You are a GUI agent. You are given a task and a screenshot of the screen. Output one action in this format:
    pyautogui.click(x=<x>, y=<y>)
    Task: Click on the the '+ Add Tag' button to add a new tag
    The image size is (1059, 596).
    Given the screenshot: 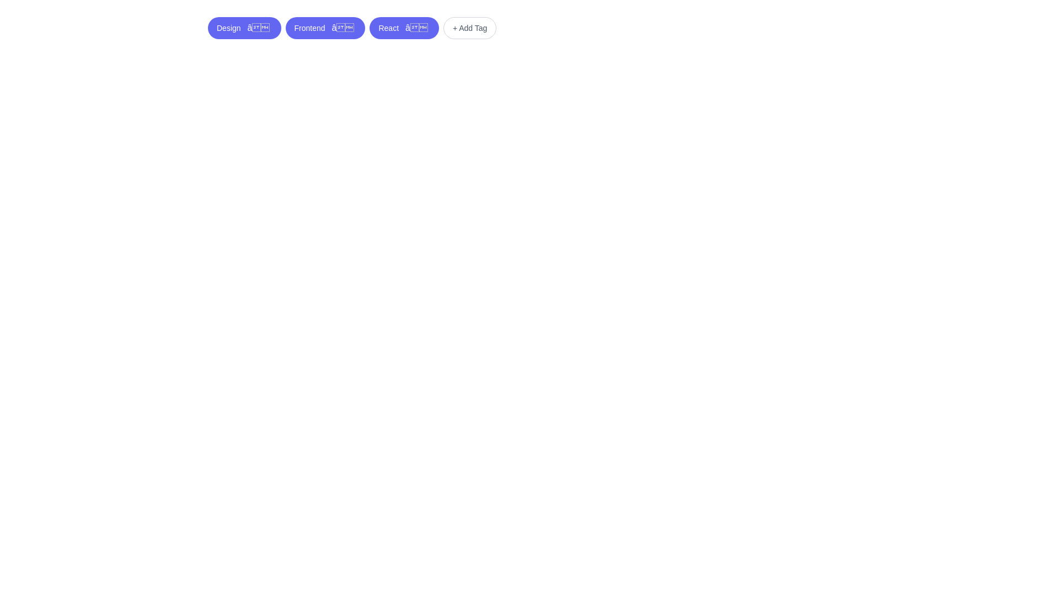 What is the action you would take?
    pyautogui.click(x=469, y=27)
    